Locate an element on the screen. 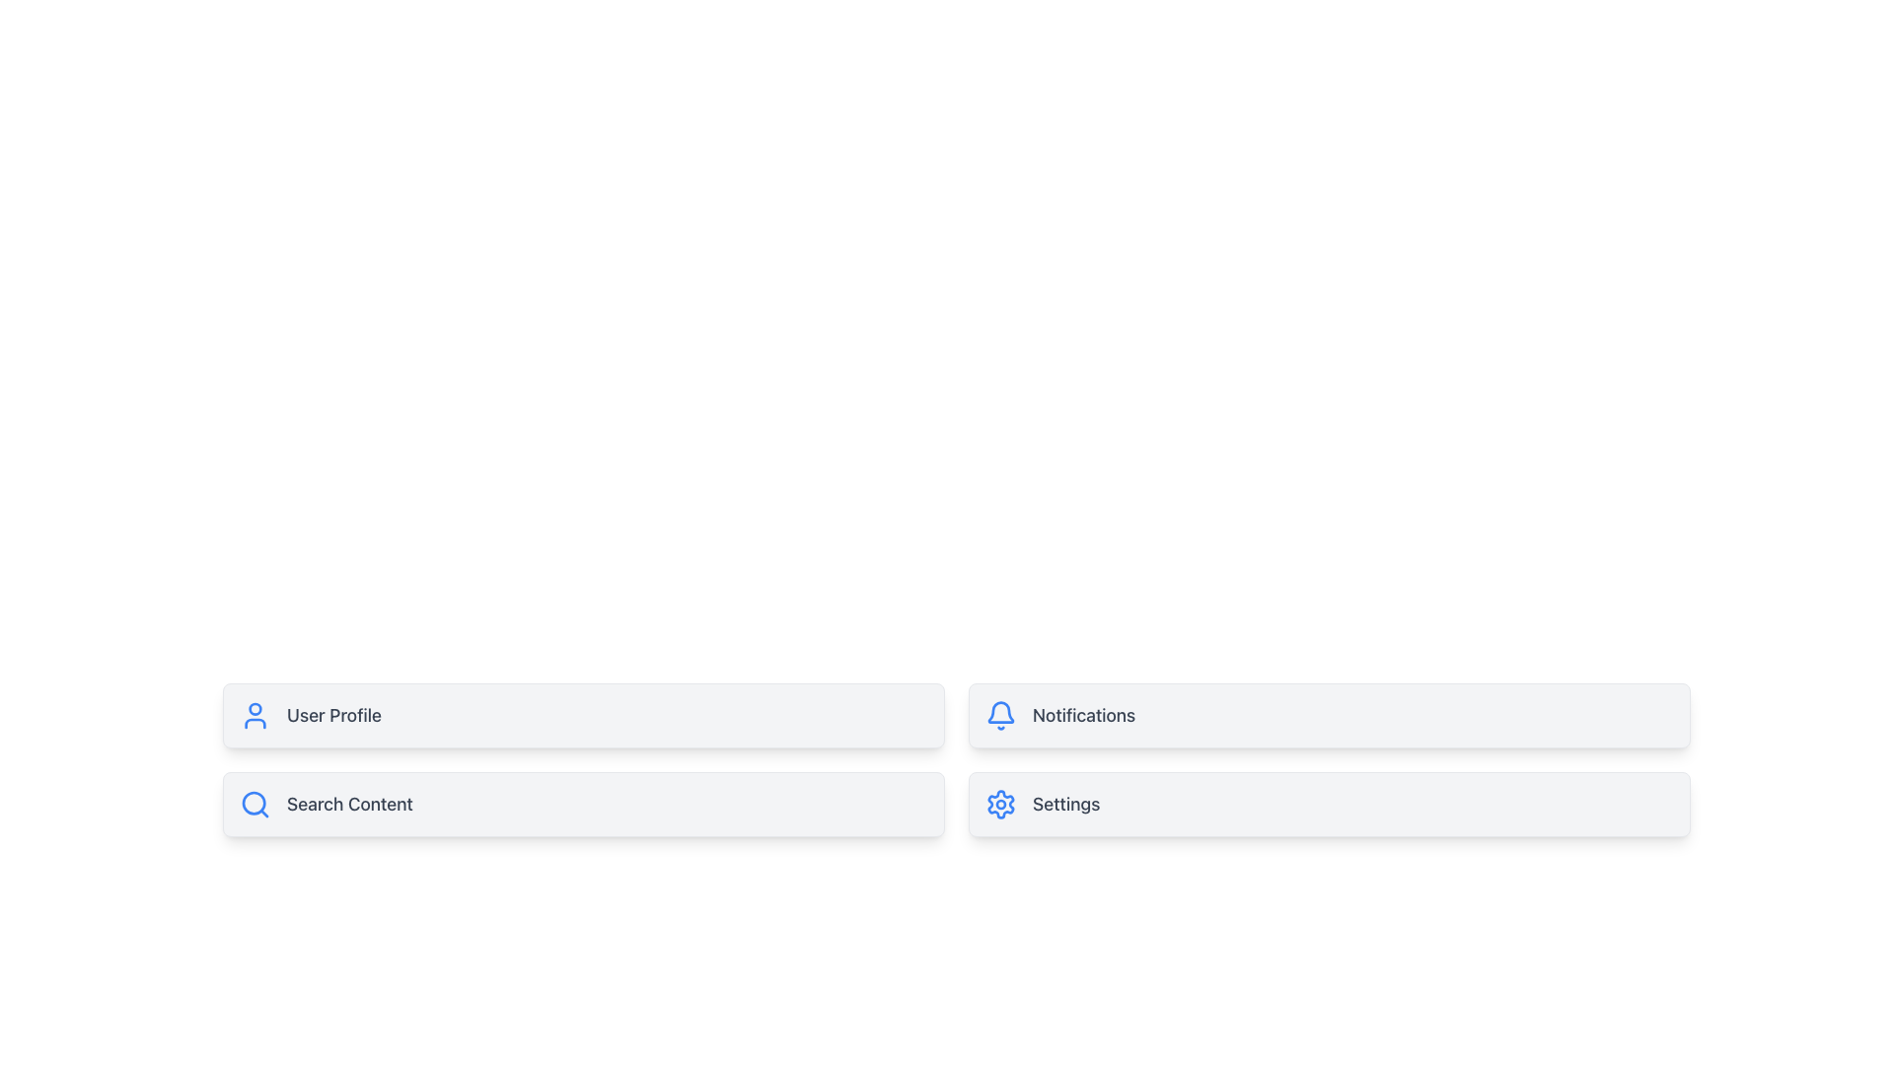 The image size is (1894, 1065). the 'Notifications' label with the blue bell icon for accessibility actions is located at coordinates (1330, 715).